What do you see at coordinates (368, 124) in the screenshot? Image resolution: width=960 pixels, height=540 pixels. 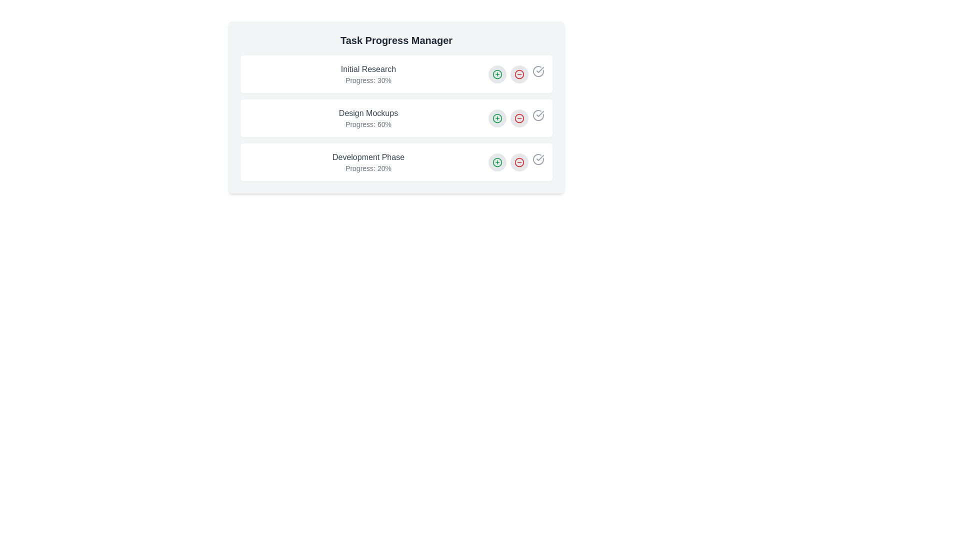 I see `the static text displaying the progress percentage (60%) of the 'Design Mockups' task, located directly below the 'Design Mockups' text in the middle task item of the list` at bounding box center [368, 124].